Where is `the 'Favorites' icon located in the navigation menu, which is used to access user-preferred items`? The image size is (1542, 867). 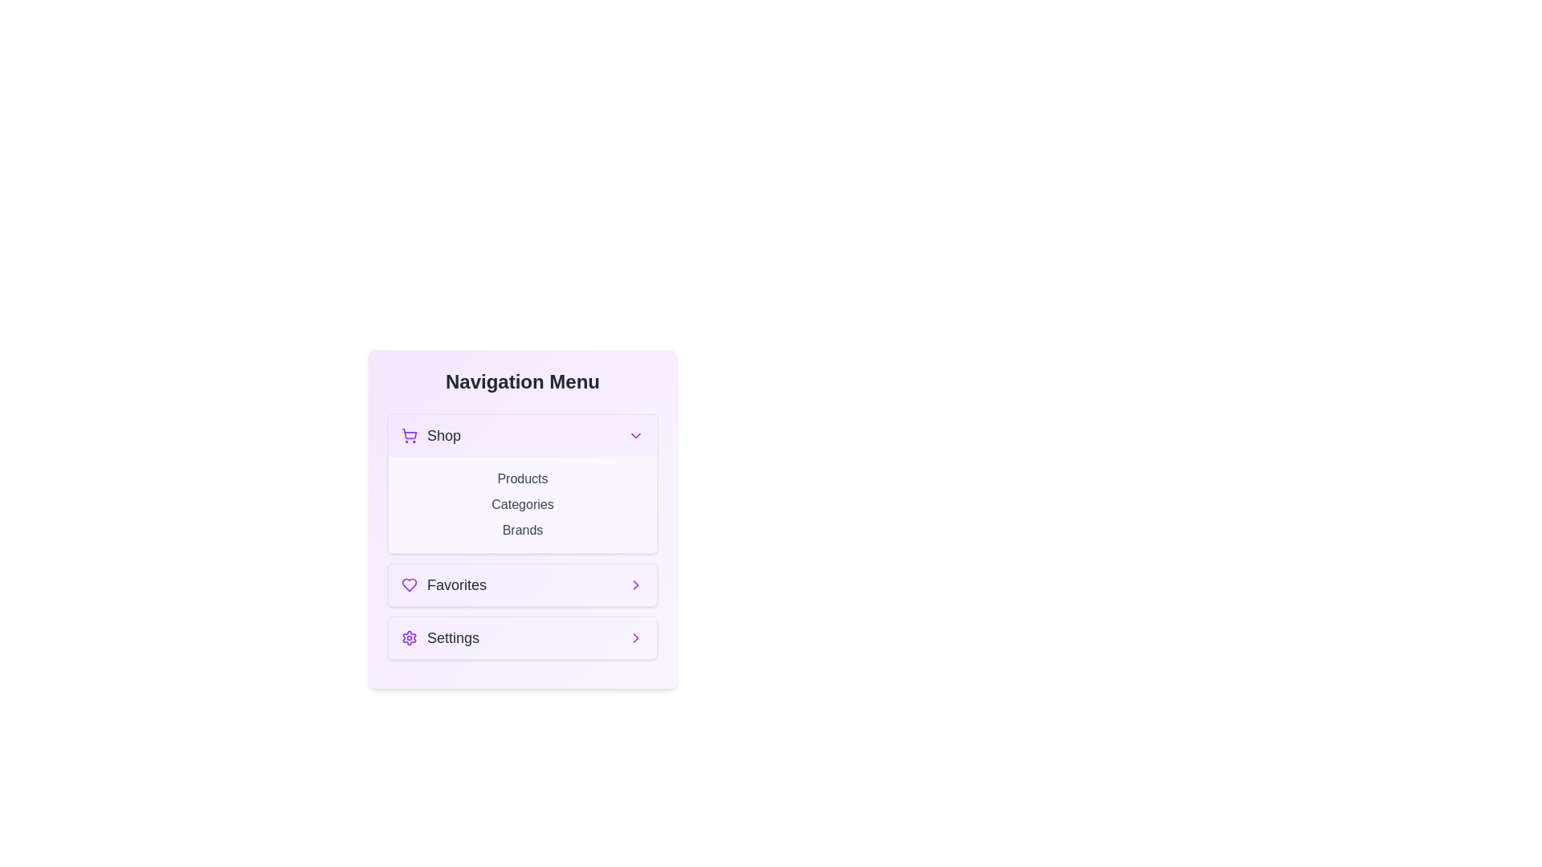
the 'Favorites' icon located in the navigation menu, which is used to access user-preferred items is located at coordinates (409, 585).